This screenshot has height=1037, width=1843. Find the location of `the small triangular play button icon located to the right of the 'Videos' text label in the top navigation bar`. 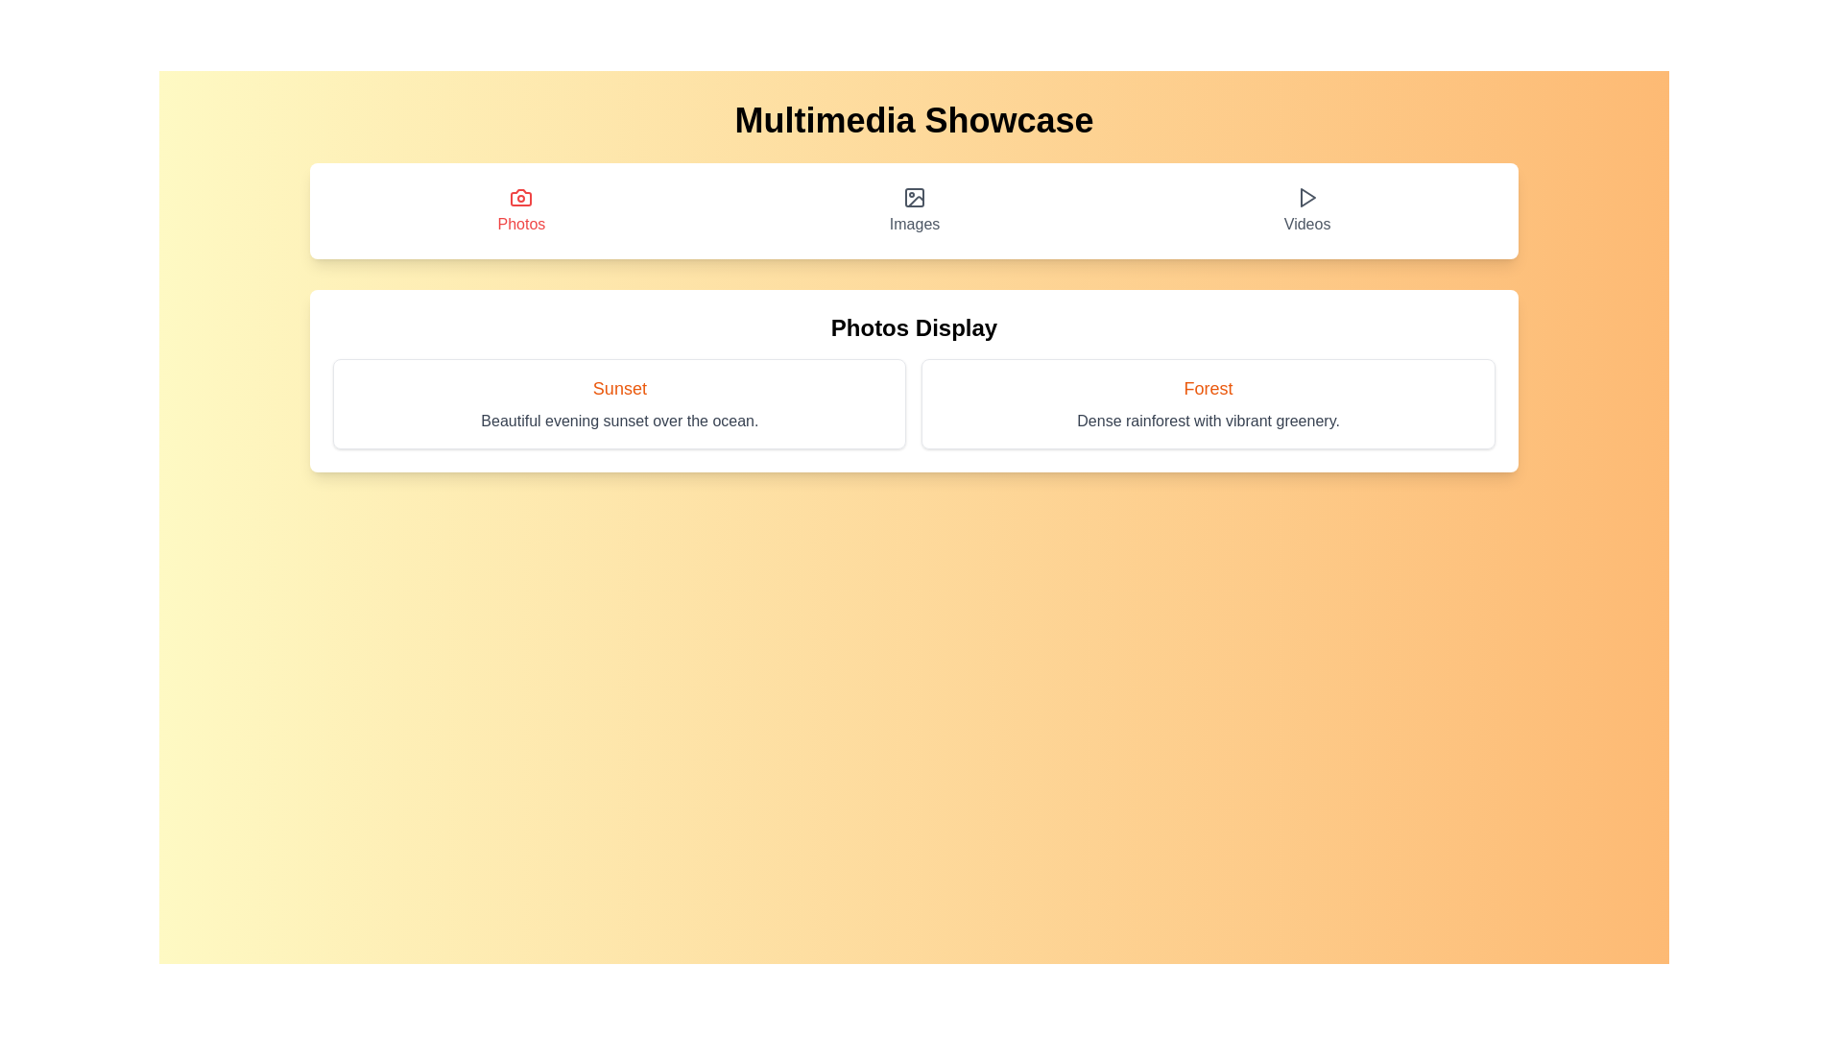

the small triangular play button icon located to the right of the 'Videos' text label in the top navigation bar is located at coordinates (1307, 197).